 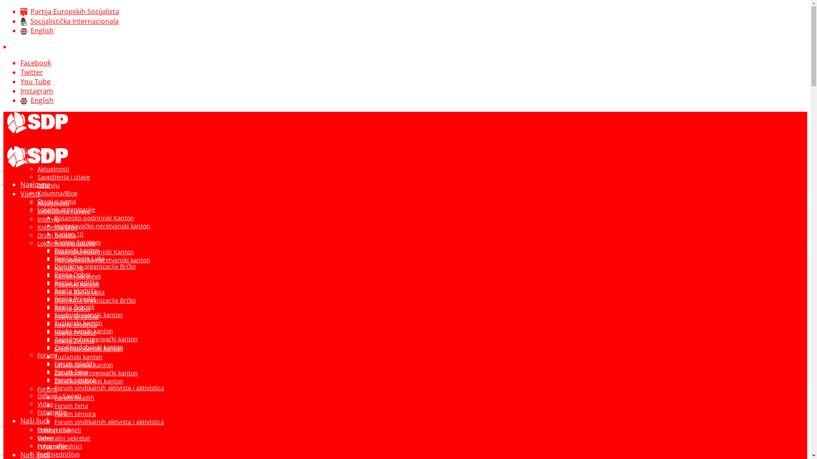 What do you see at coordinates (69, 234) in the screenshot?
I see `'Kanton 10'` at bounding box center [69, 234].